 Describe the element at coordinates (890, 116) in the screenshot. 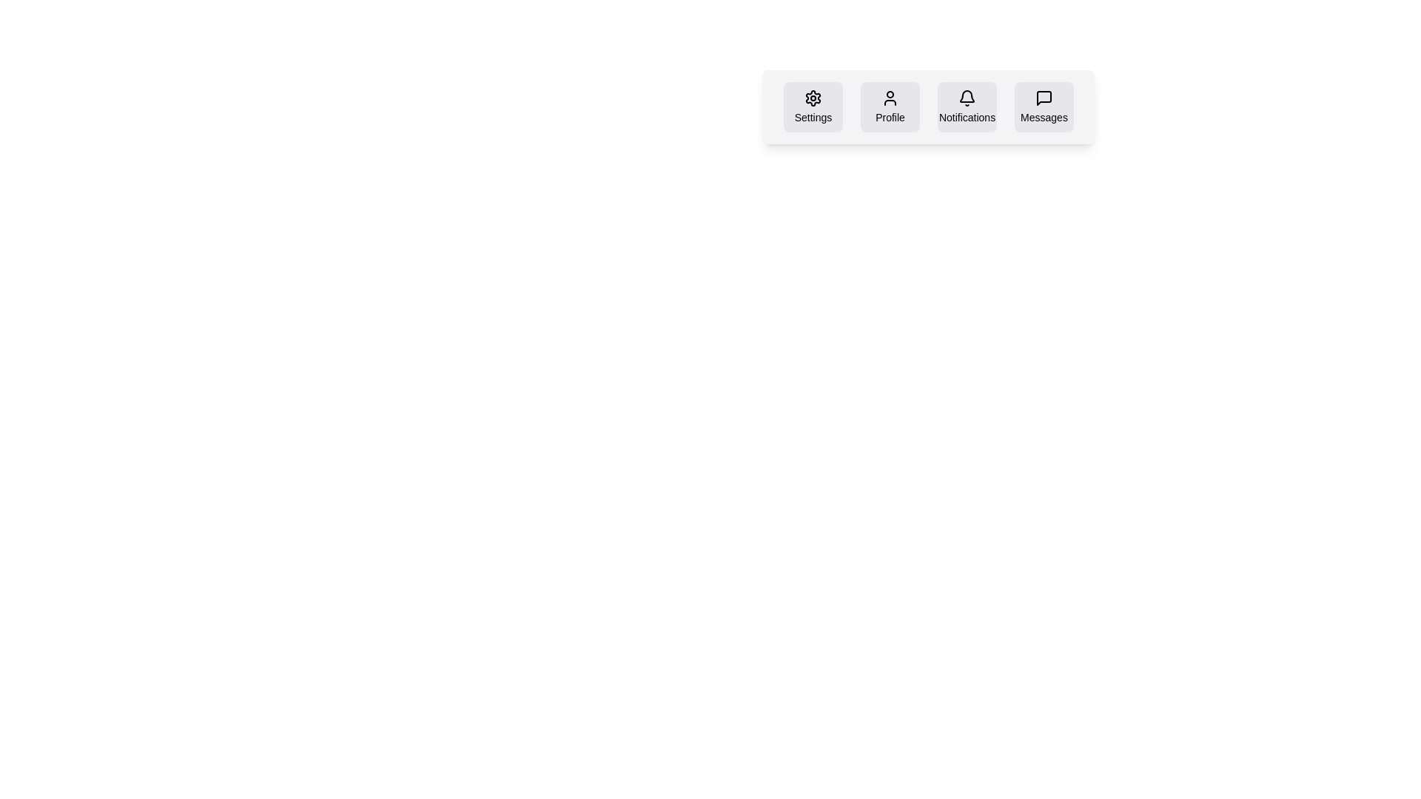

I see `the 'Profile' text label, which is a small font-sized label located below a user icon in a modern, muted gray design` at that location.